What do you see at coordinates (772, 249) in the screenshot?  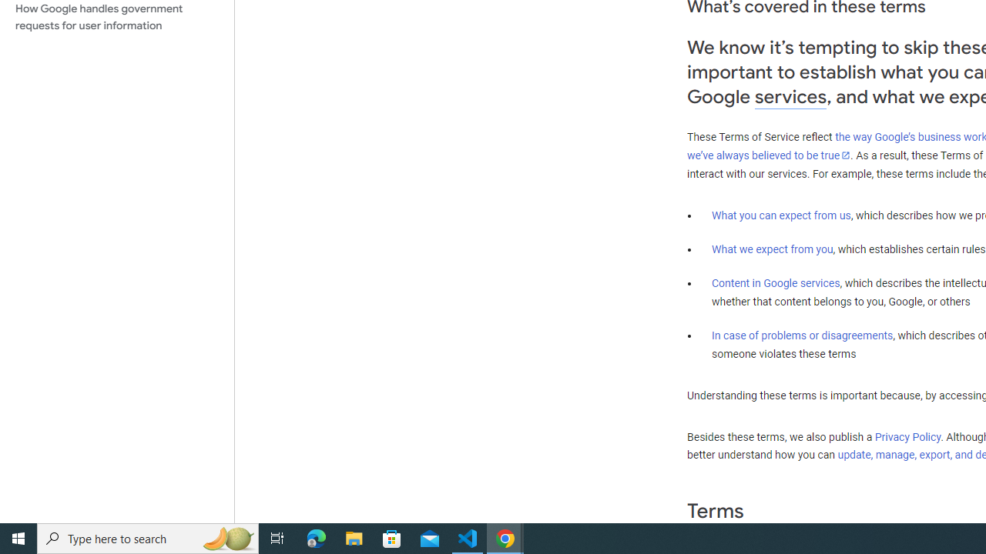 I see `'What we expect from you'` at bounding box center [772, 249].